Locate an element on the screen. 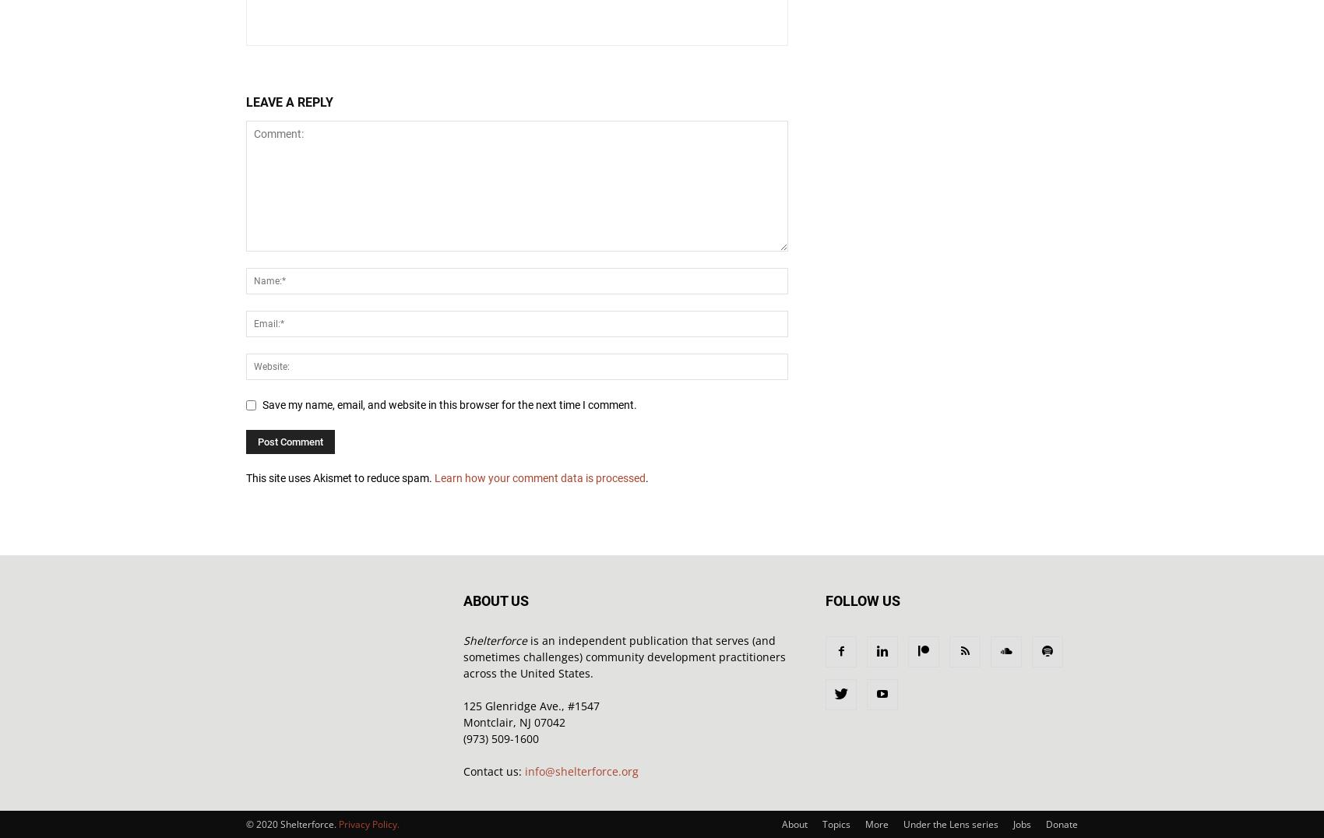 The width and height of the screenshot is (1324, 838). 'Shelterforce' is located at coordinates (494, 639).